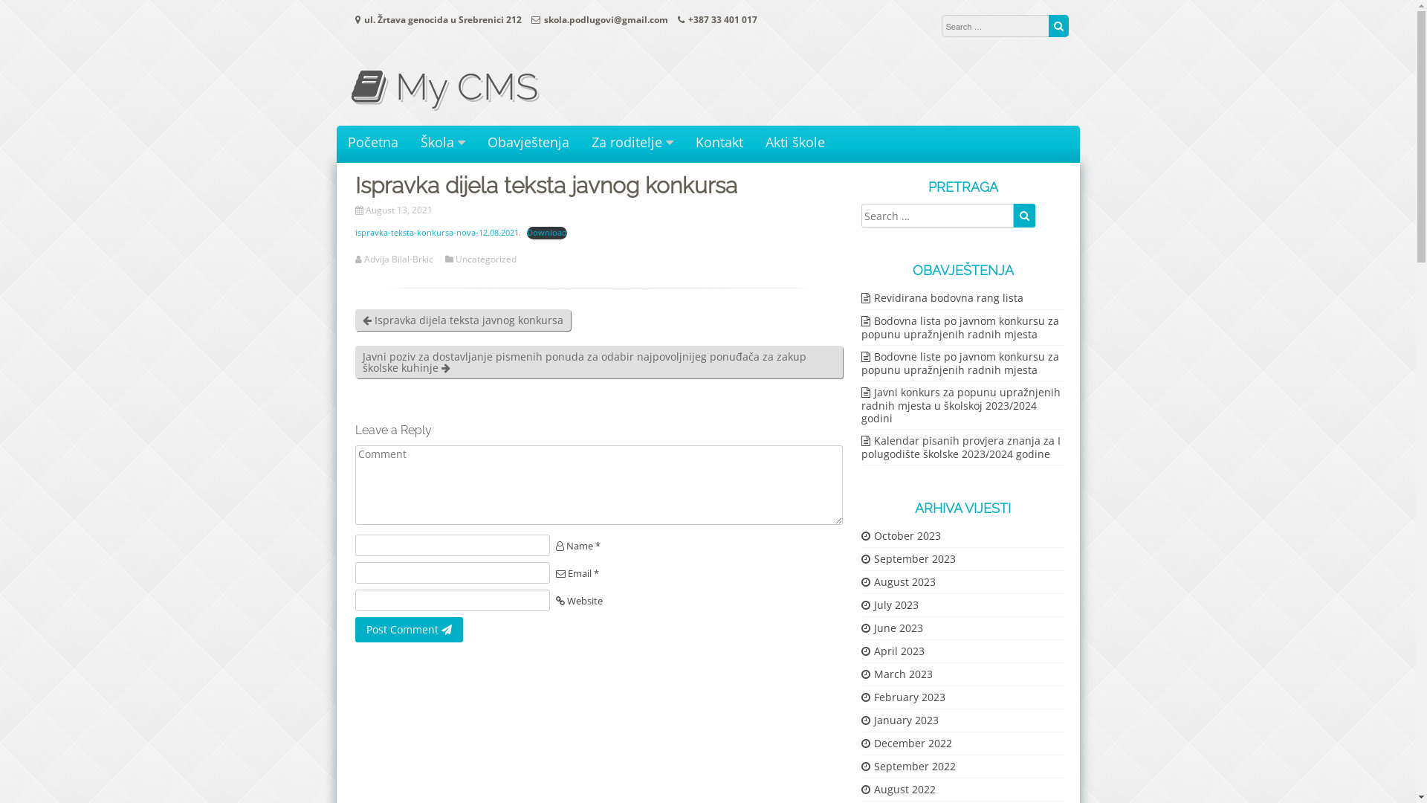 The width and height of the screenshot is (1427, 803). What do you see at coordinates (400, 210) in the screenshot?
I see `'August 13, 2021'` at bounding box center [400, 210].